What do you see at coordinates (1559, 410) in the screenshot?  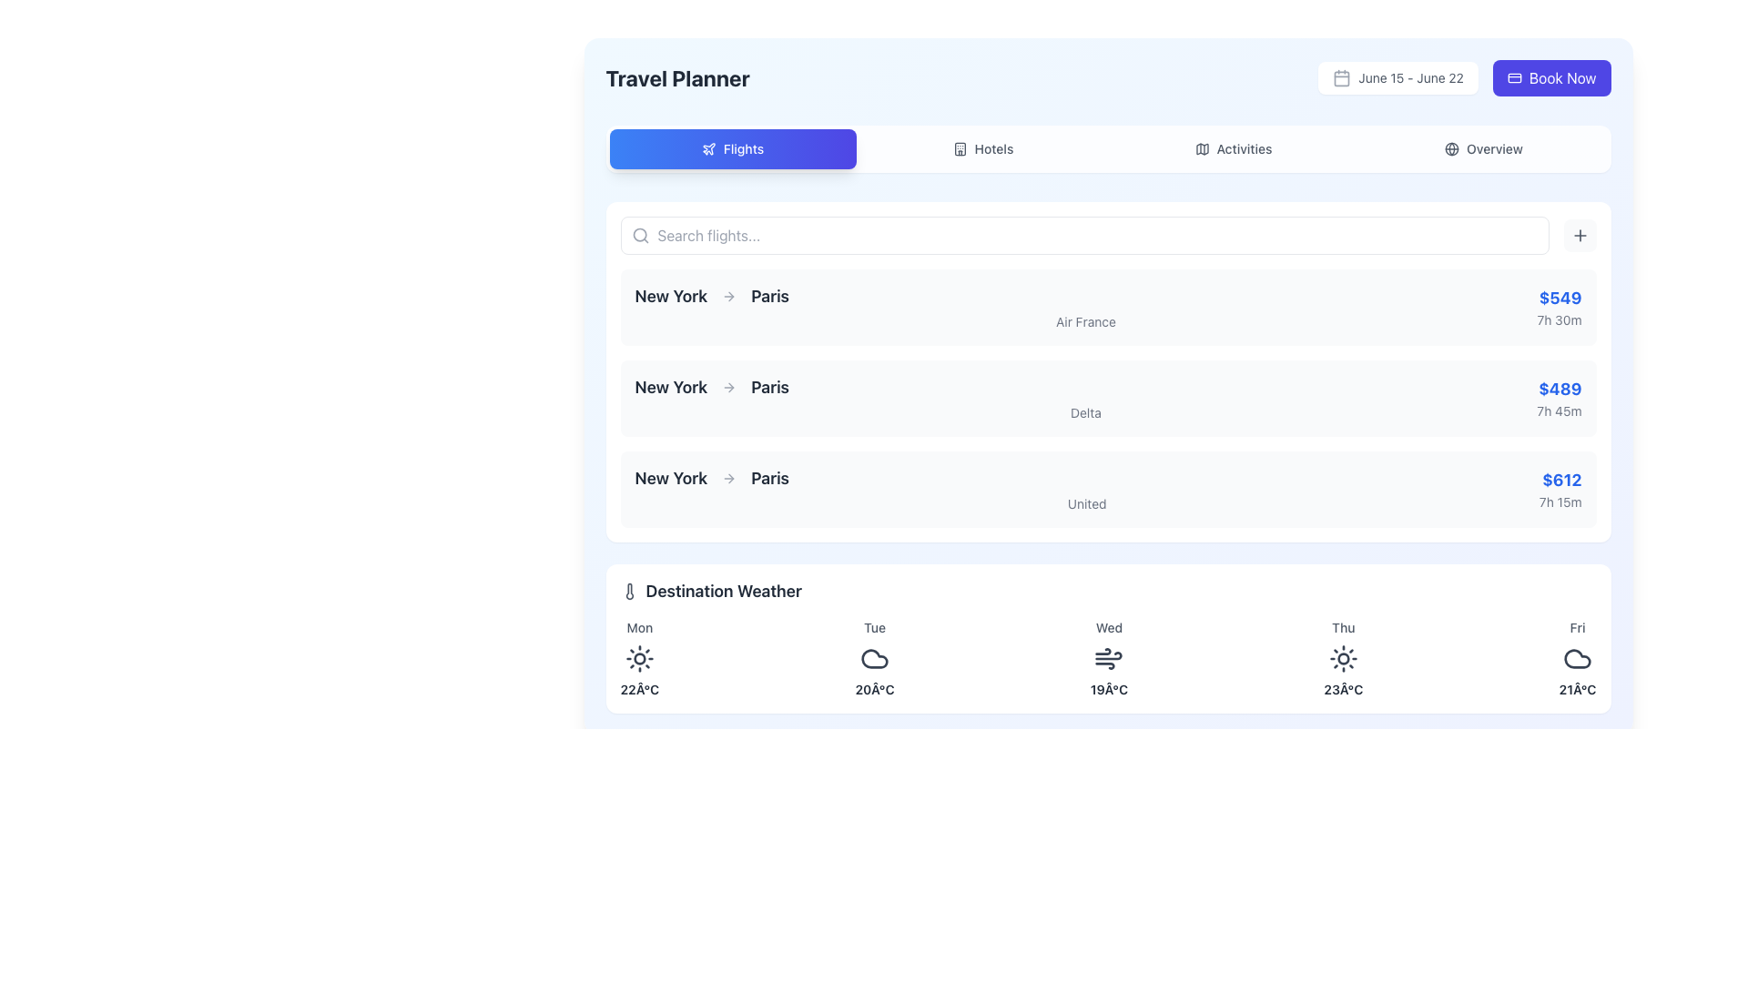 I see `the Text Label that displays the flight duration, located below the price '$489' in the right-aligned column of the second flight result` at bounding box center [1559, 410].